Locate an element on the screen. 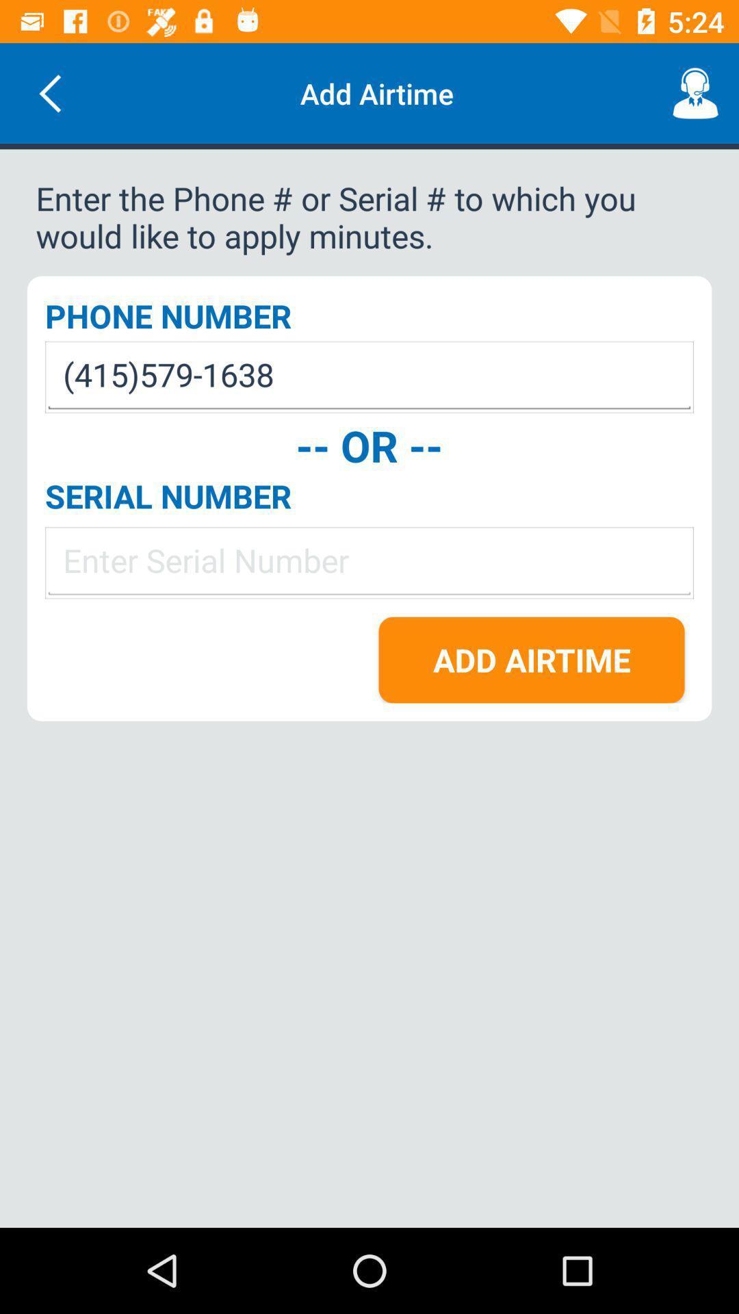  the icon next to the add airtime is located at coordinates (696, 92).